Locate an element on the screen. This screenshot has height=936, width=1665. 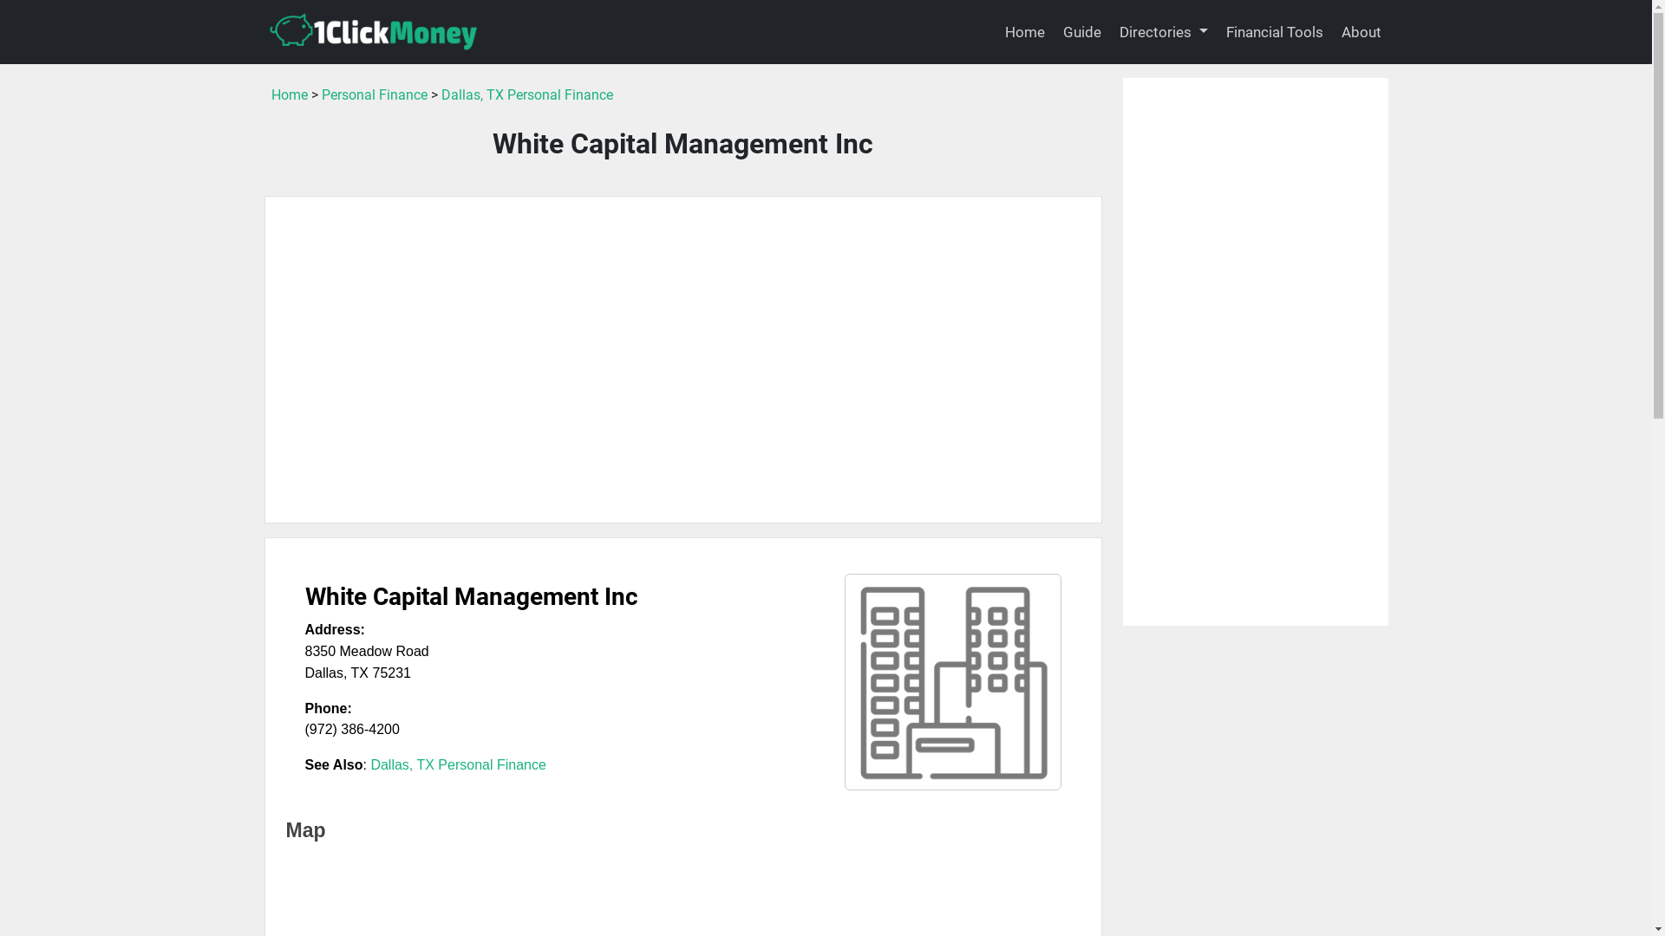
'About' is located at coordinates (1360, 32).